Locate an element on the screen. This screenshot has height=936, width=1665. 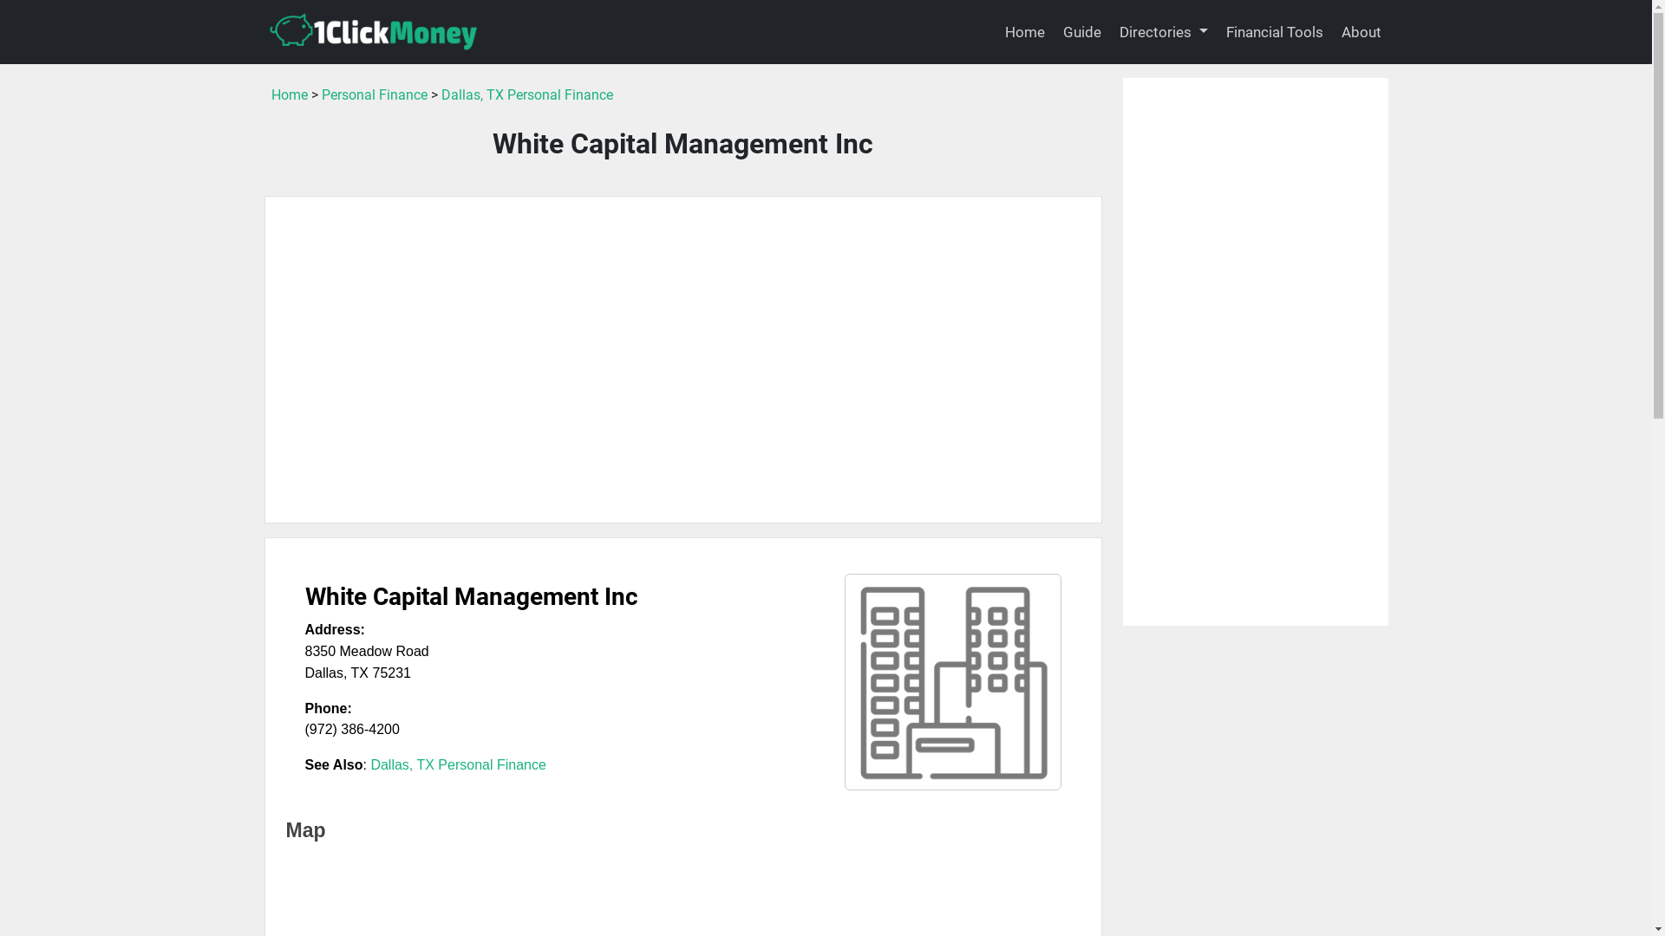
'About' is located at coordinates (1360, 32).